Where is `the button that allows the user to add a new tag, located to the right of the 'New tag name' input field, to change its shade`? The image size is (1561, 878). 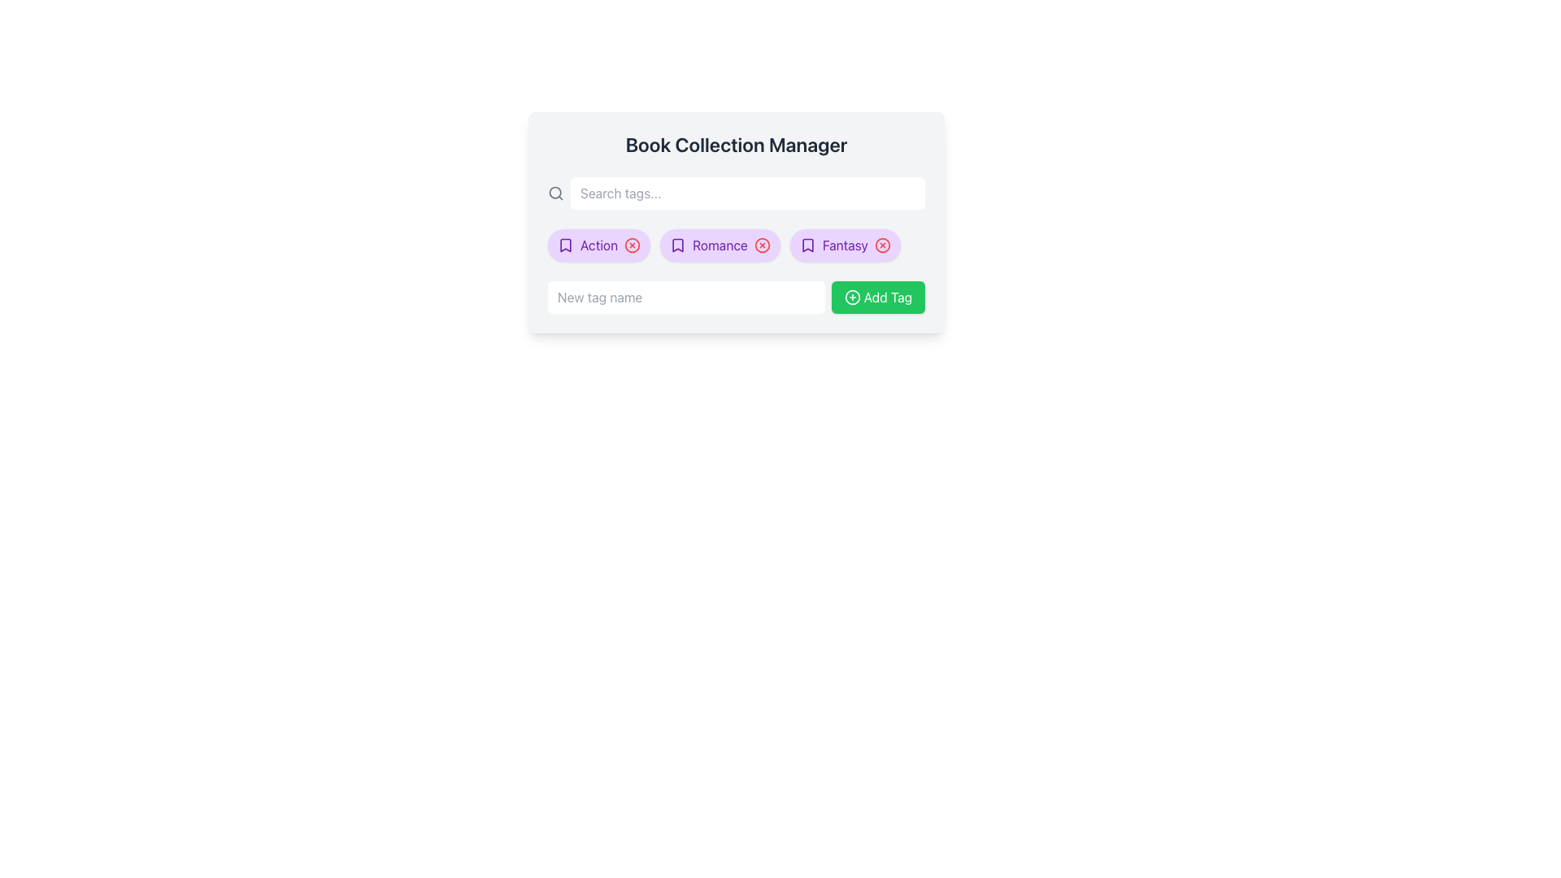
the button that allows the user to add a new tag, located to the right of the 'New tag name' input field, to change its shade is located at coordinates (877, 298).